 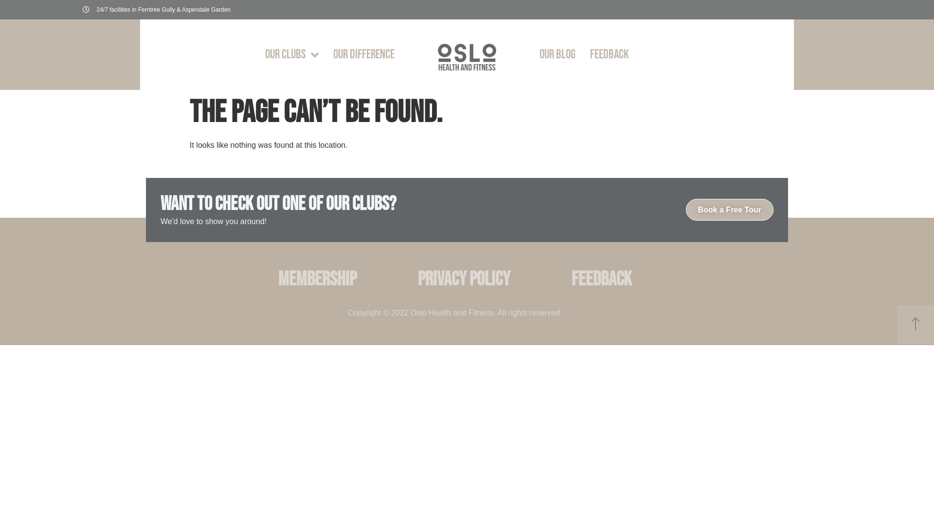 What do you see at coordinates (291, 54) in the screenshot?
I see `'Our Clubs'` at bounding box center [291, 54].